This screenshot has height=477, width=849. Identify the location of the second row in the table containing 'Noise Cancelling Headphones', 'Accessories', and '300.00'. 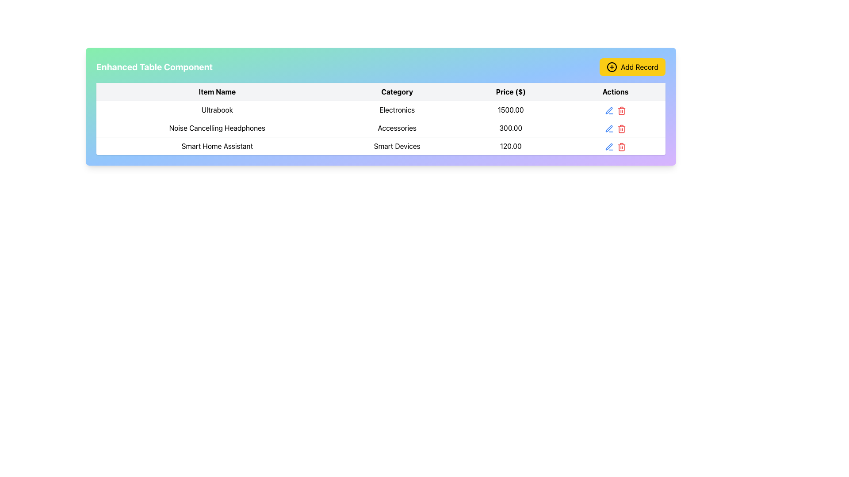
(381, 128).